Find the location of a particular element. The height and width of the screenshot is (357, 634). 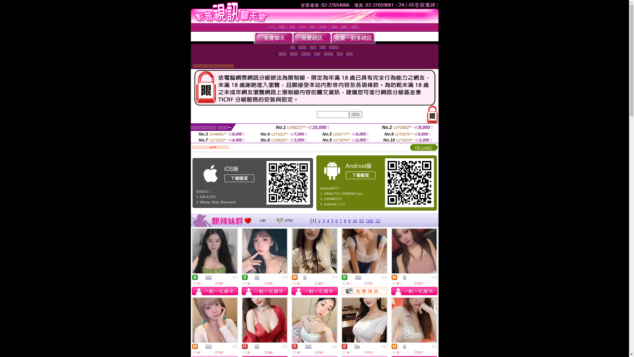

'2' is located at coordinates (319, 220).